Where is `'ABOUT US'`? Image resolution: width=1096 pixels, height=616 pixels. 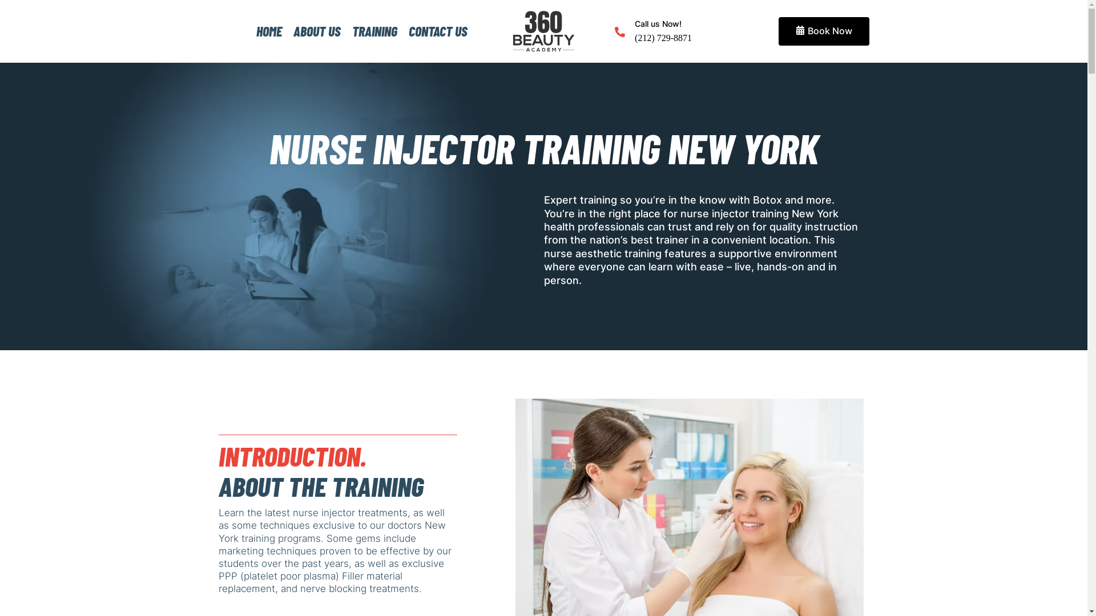
'ABOUT US' is located at coordinates (317, 30).